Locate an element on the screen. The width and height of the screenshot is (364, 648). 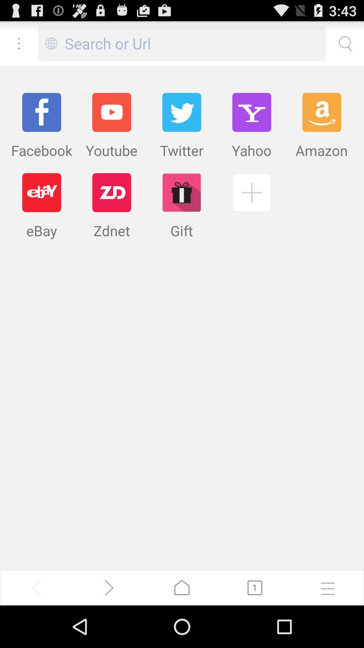
the arrow_backward icon is located at coordinates (36, 628).